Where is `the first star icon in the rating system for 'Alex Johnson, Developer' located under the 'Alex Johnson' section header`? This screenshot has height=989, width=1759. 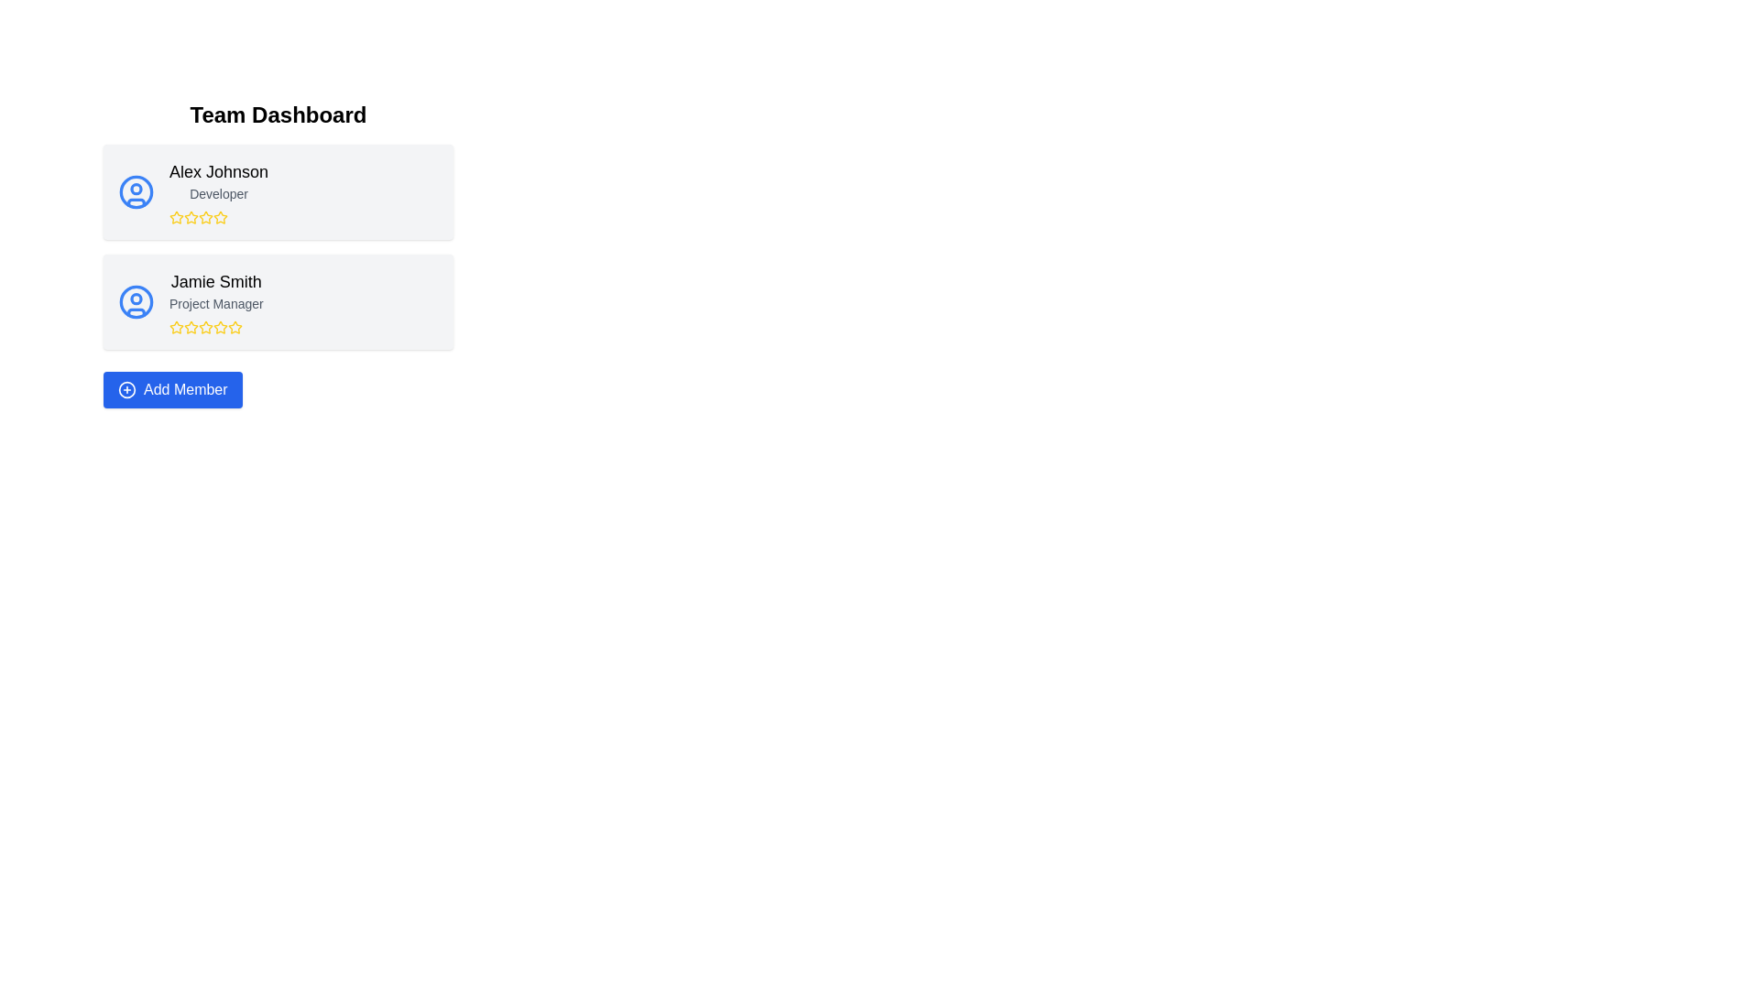
the first star icon in the rating system for 'Alex Johnson, Developer' located under the 'Alex Johnson' section header is located at coordinates (176, 217).